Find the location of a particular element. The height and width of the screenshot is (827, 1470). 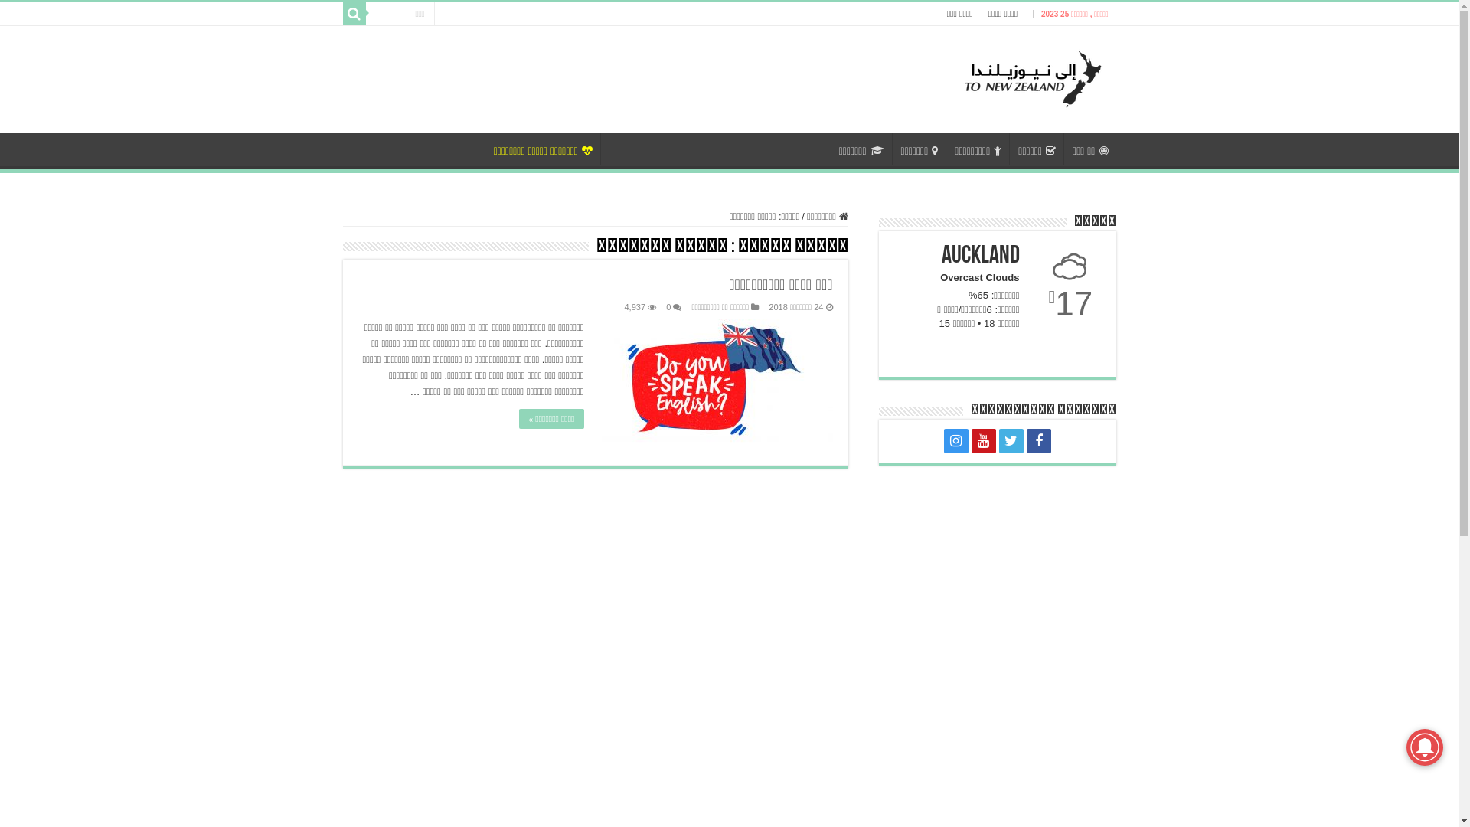

'Facebook' is located at coordinates (1038, 440).